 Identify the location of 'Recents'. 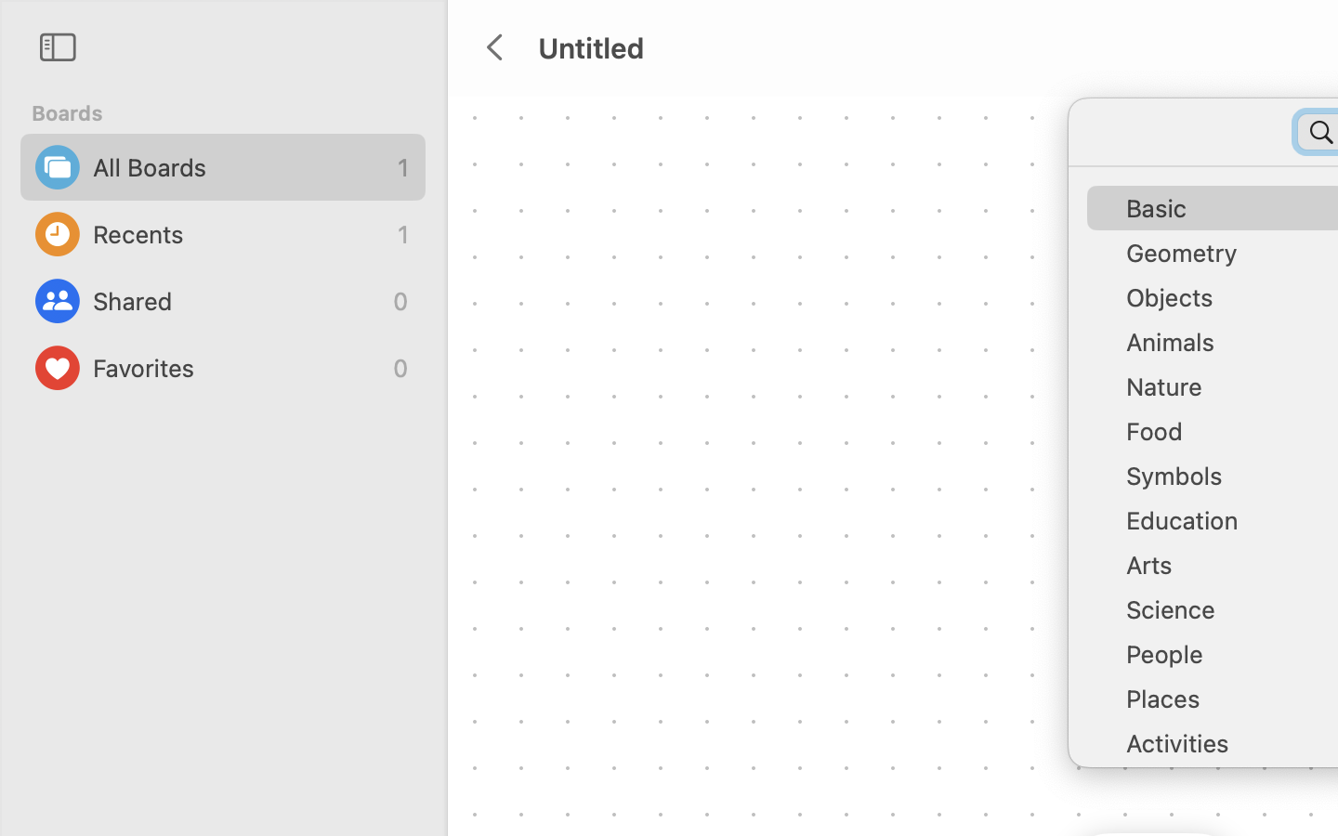
(240, 233).